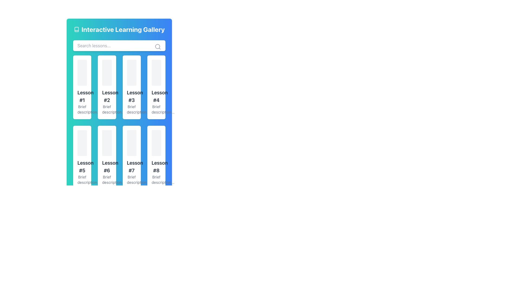  I want to click on text label that contains 'Brief description...' located beneath the heading 'Lesson #2' in the card situated in the second column of the first row, so click(107, 109).